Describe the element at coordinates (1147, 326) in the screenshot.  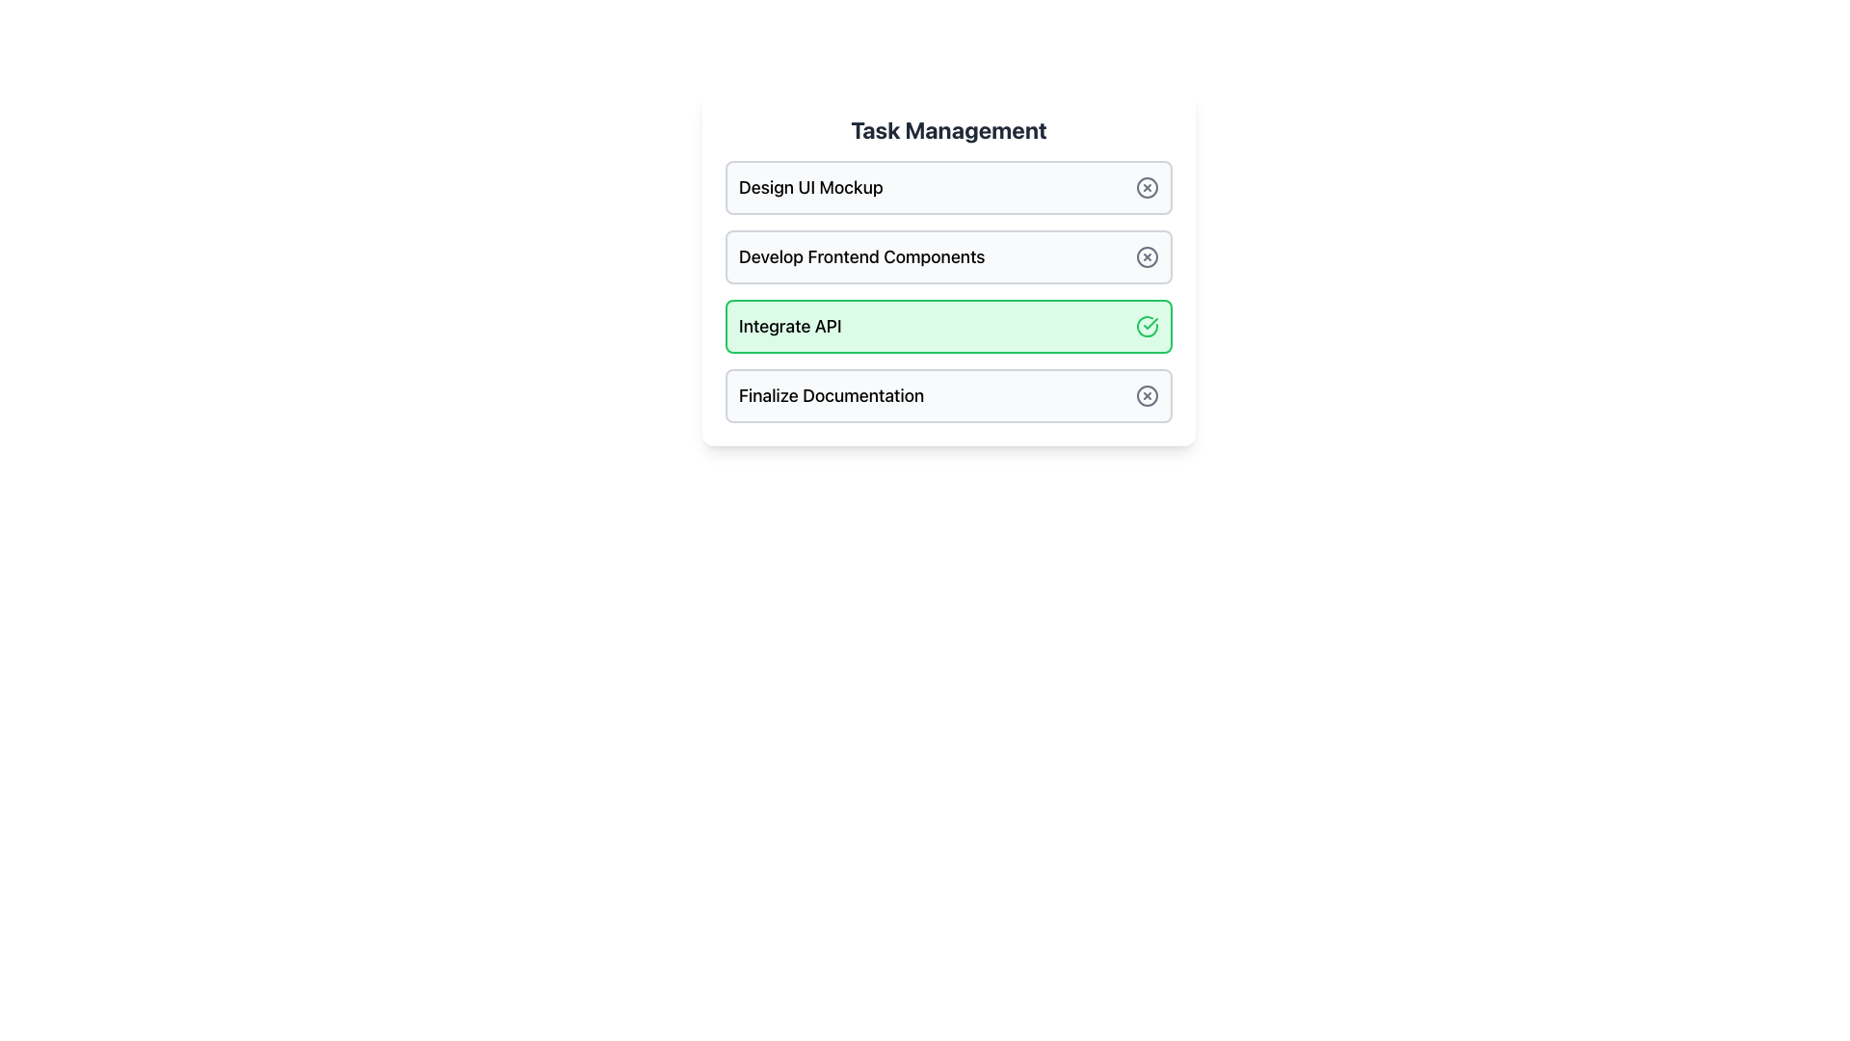
I see `the confirmation icon located at the far-right edge of the 'Integrate API' task item in the task management interface` at that location.